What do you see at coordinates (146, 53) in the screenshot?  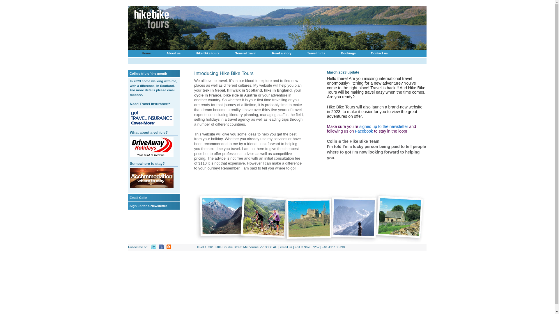 I see `'Home'` at bounding box center [146, 53].